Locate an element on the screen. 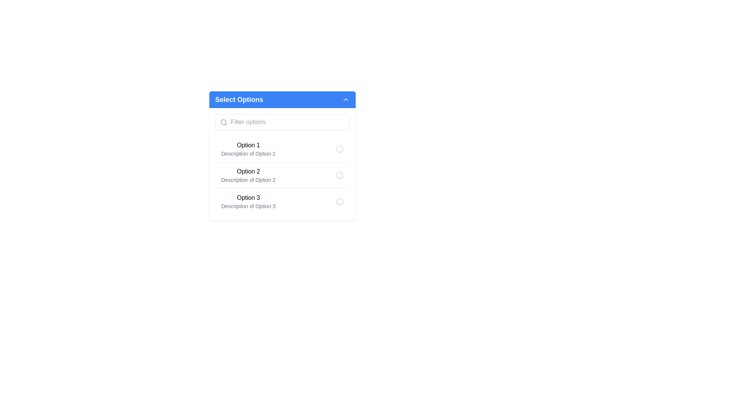 The height and width of the screenshot is (411, 732). the static text label for 'Option 1' located at the top-left of the dropdown titled 'Select Options' is located at coordinates (248, 145).